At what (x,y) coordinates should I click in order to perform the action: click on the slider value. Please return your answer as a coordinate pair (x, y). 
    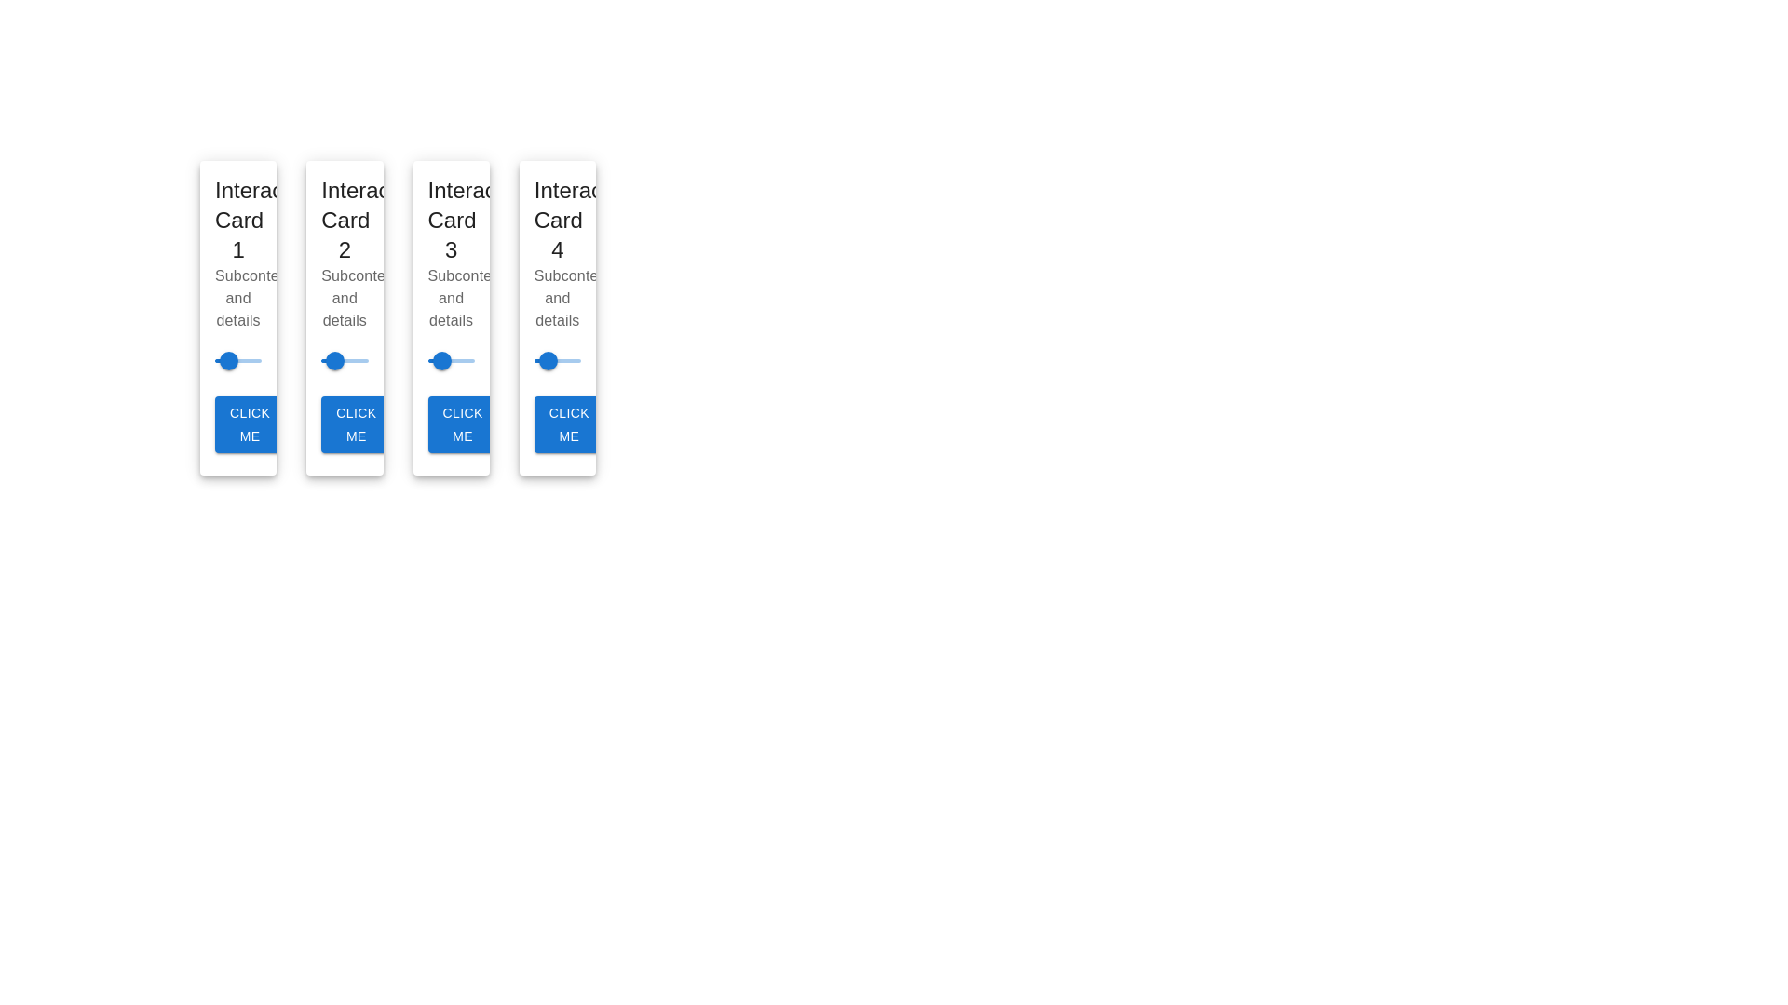
    Looking at the image, I should click on (409, 361).